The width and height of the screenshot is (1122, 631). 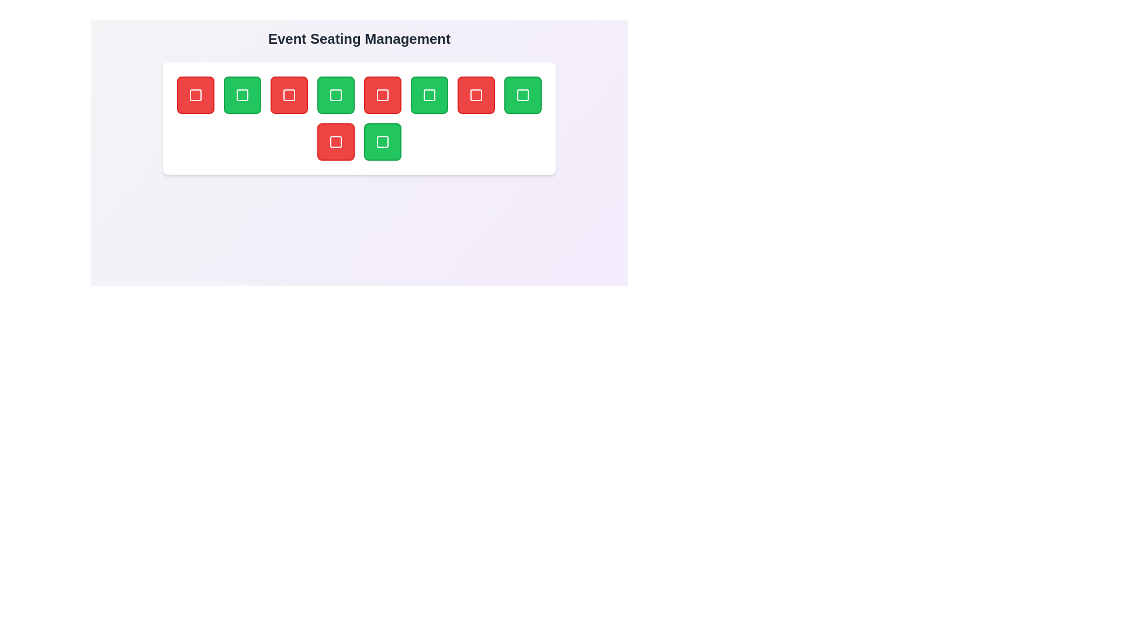 What do you see at coordinates (522, 94) in the screenshot?
I see `the green square icon that signifies seat 8` at bounding box center [522, 94].